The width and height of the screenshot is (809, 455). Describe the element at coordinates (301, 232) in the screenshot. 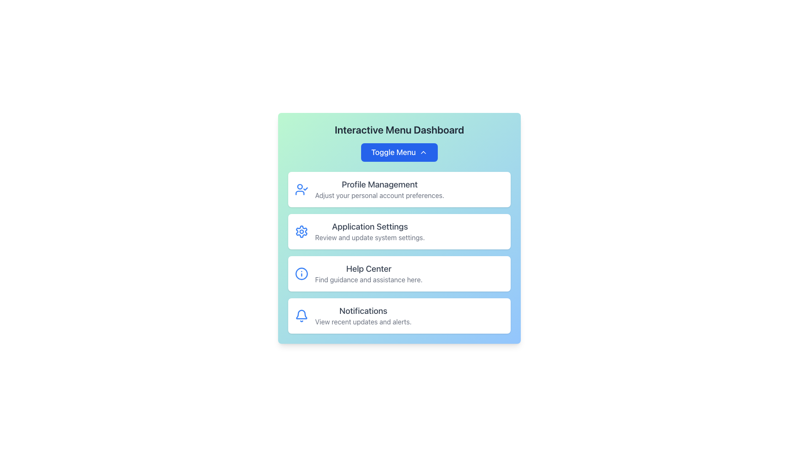

I see `the gear icon located to the left of the 'Application Settings' text in the second row of the layout, which is positioned below the 'Profile Management' row and above the 'Help Center' row` at that location.